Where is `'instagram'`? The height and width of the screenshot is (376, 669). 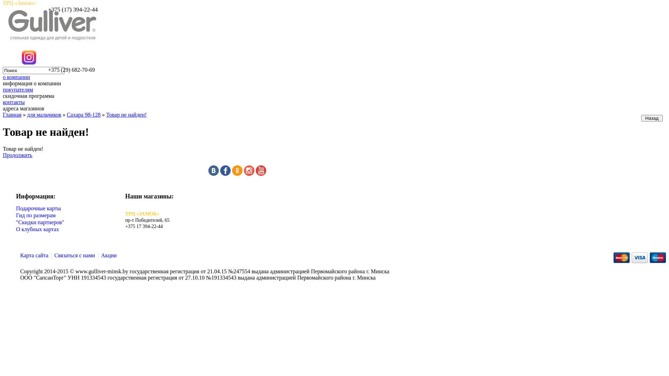 'instagram' is located at coordinates (249, 173).